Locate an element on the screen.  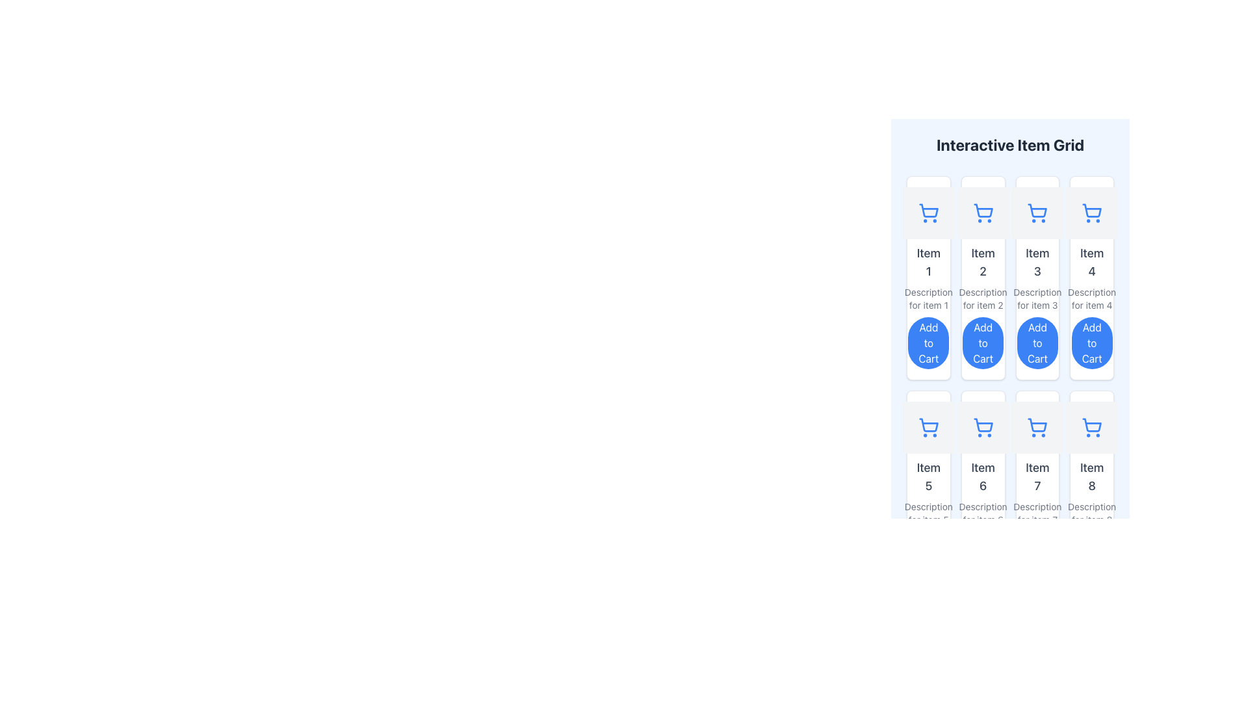
the text label that reads 'Description for item 1', which is styled in a small-sized, light gray font and positioned below the header 'Item 1' and above the 'Add to Cart' button is located at coordinates (928, 298).